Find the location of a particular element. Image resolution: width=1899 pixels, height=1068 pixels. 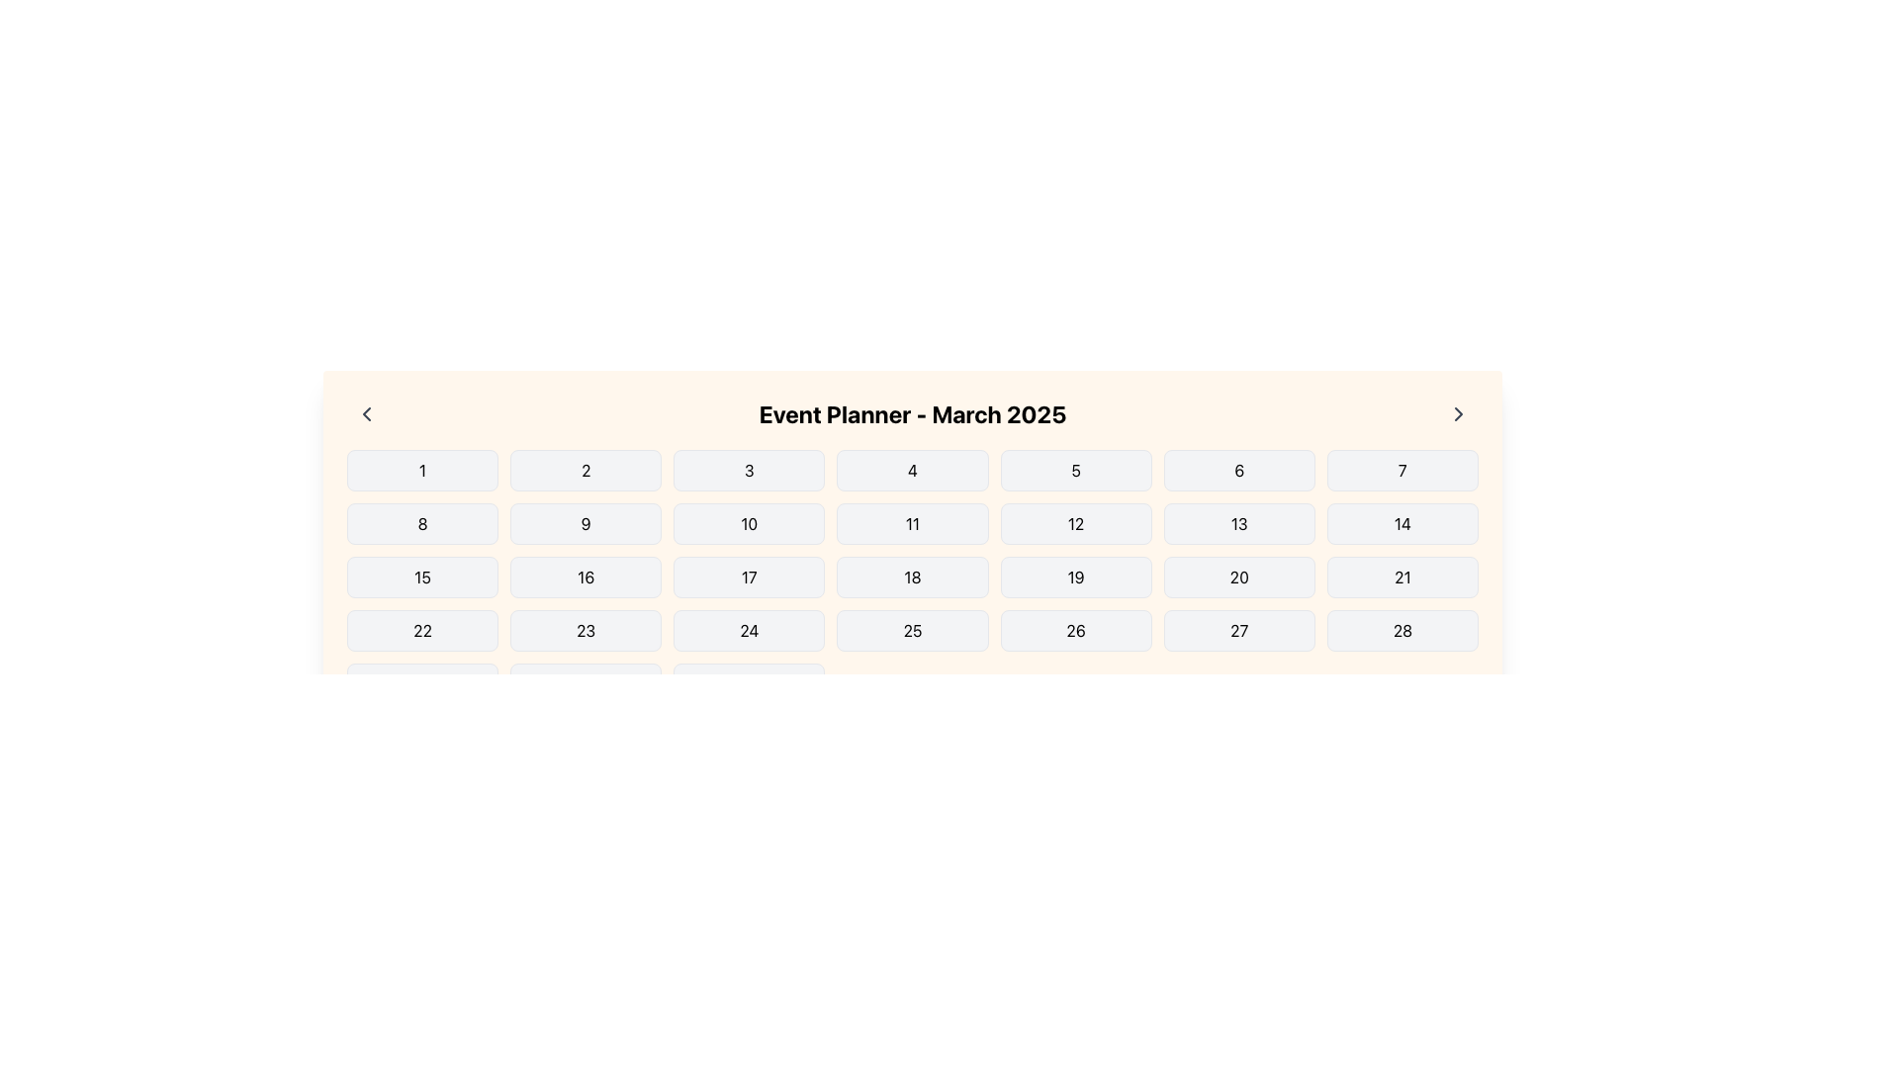

the button-like UI element labeled '23' in the calendar view for a calendar-specific action is located at coordinates (585, 630).